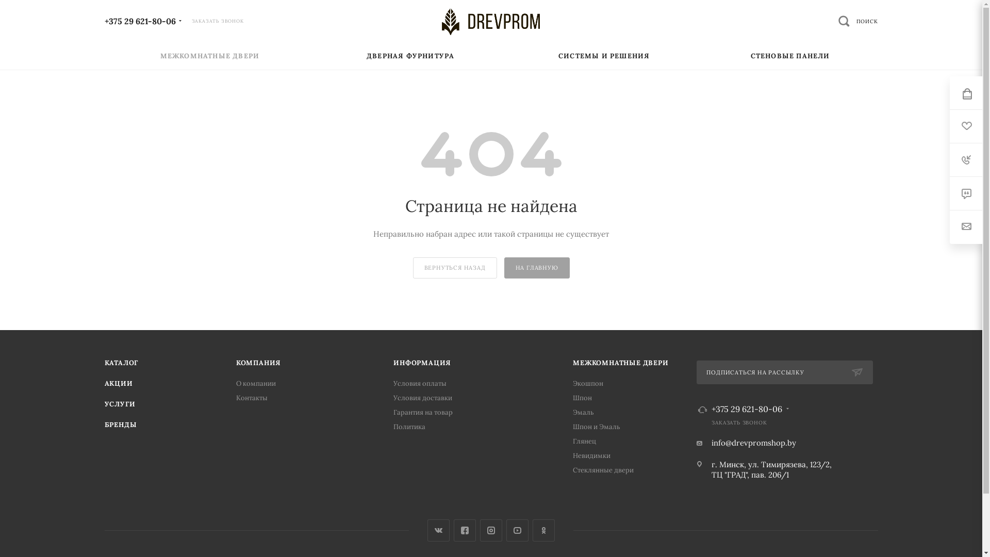 The image size is (990, 557). I want to click on 'Facebook', so click(453, 530).